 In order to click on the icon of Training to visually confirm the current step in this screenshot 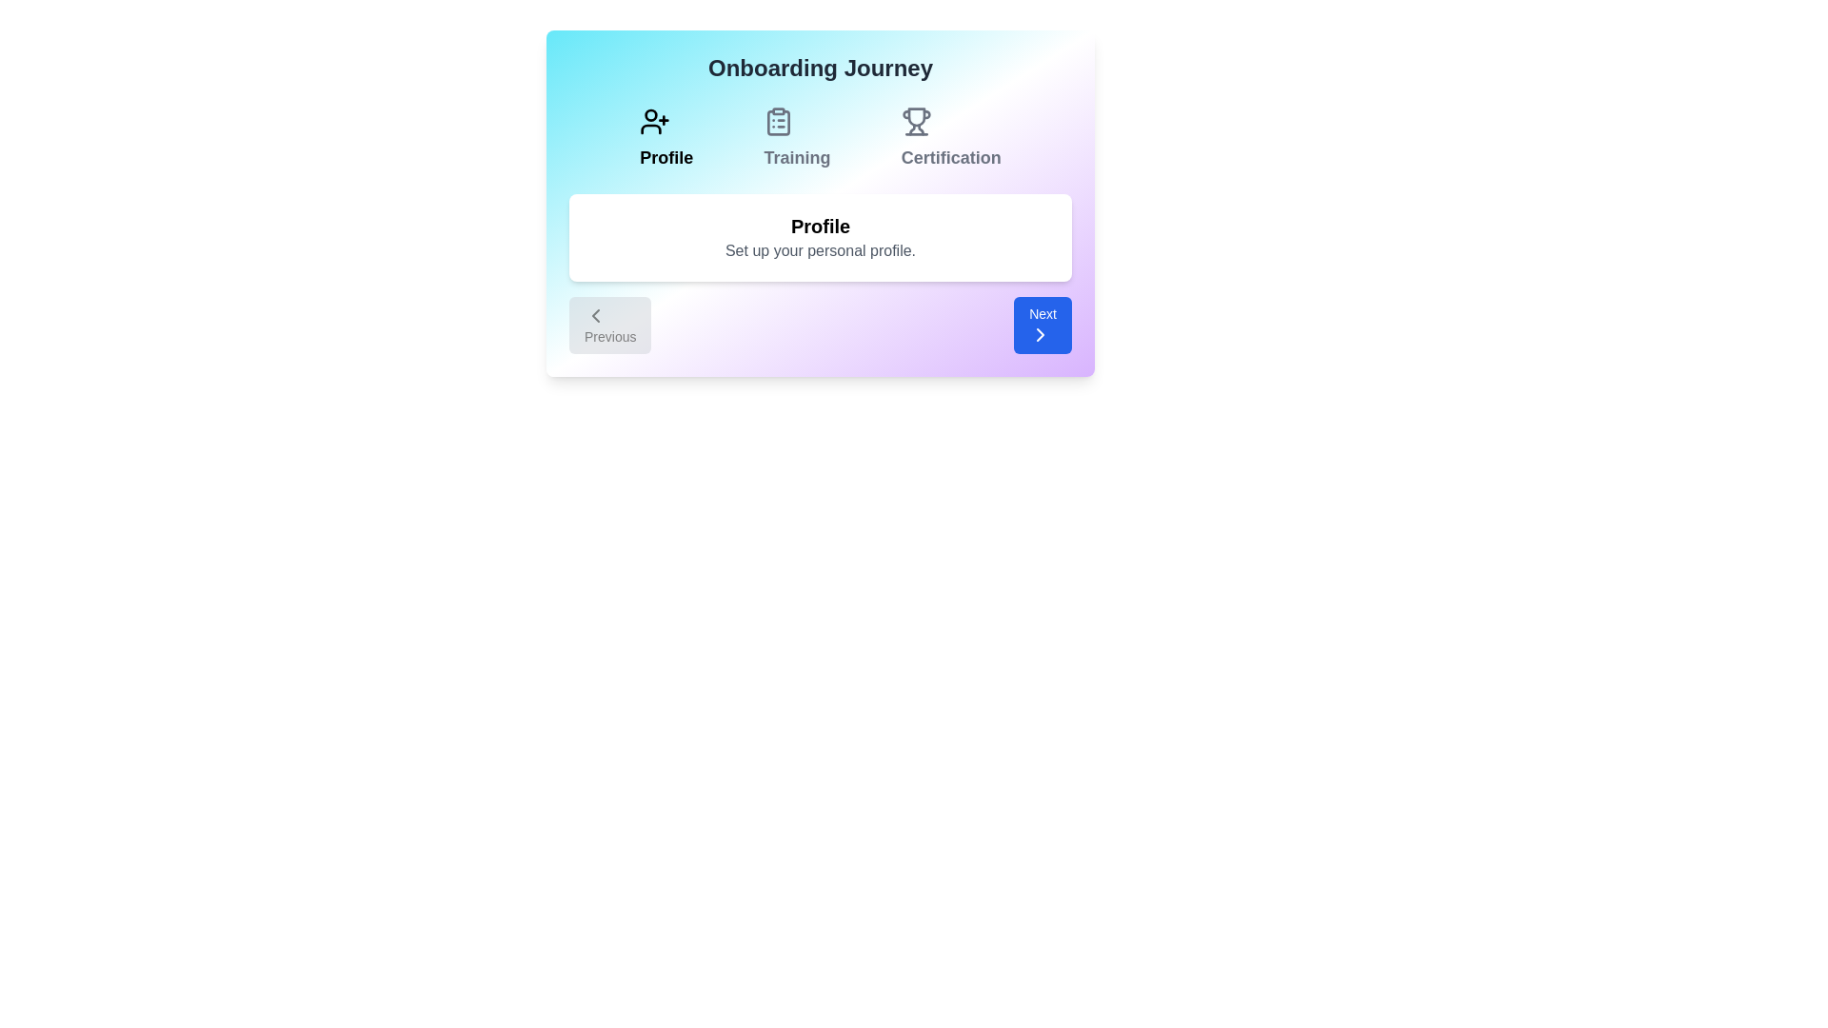, I will do `click(796, 121)`.